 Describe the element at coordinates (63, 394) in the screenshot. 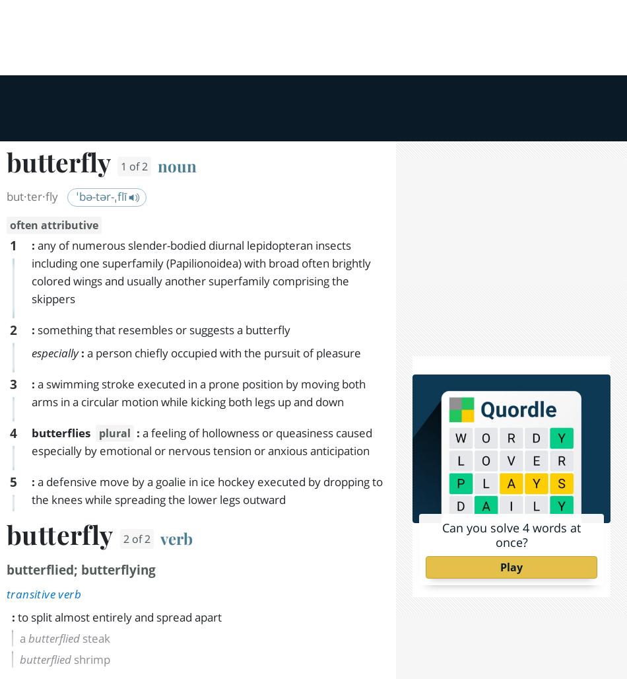

I see `'Britannica English:'` at that location.